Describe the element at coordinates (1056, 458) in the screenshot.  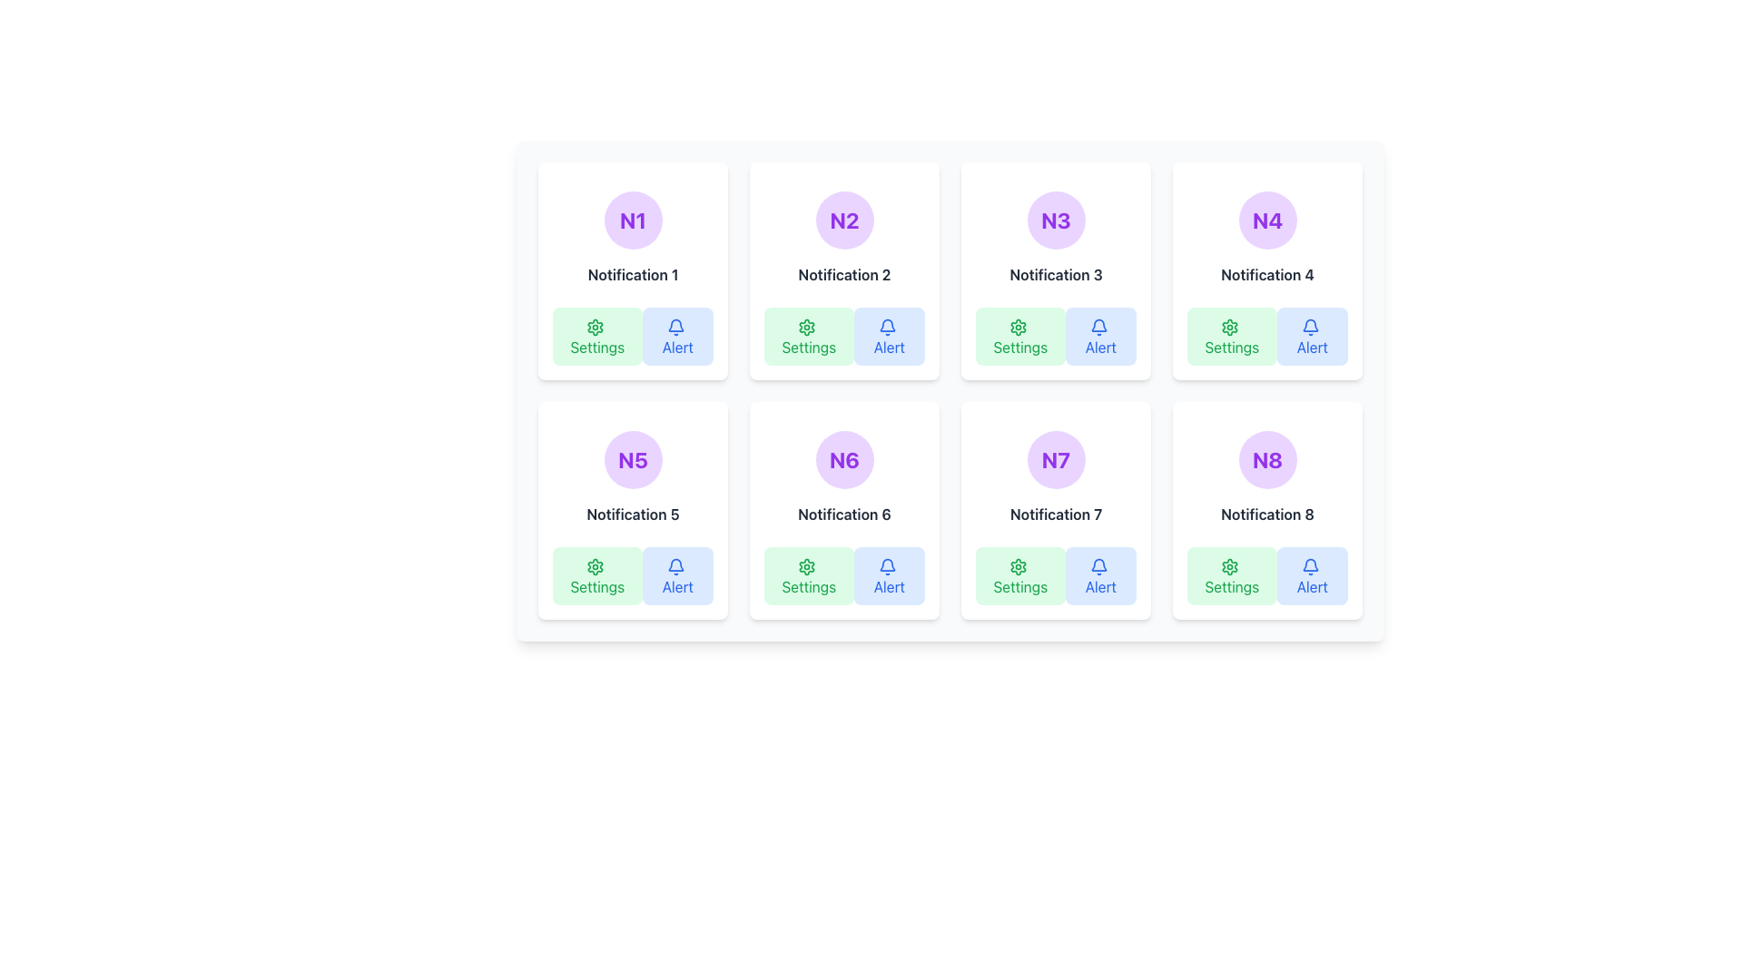
I see `the badge representing 'Notification 7', located in the second row, third column of the grid layout` at that location.